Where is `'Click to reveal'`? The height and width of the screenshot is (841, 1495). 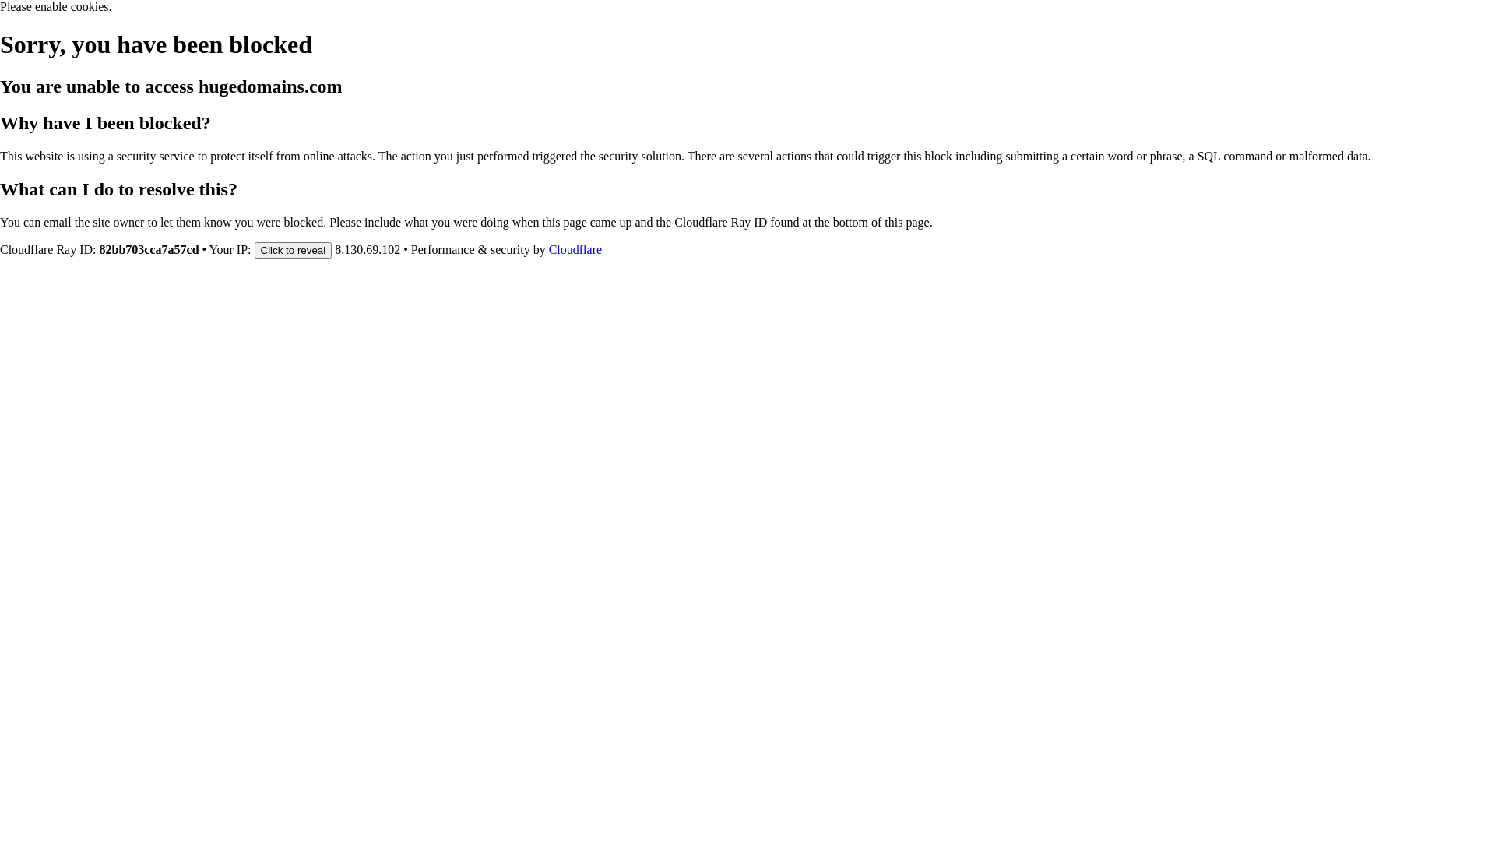
'Click to reveal' is located at coordinates (292, 248).